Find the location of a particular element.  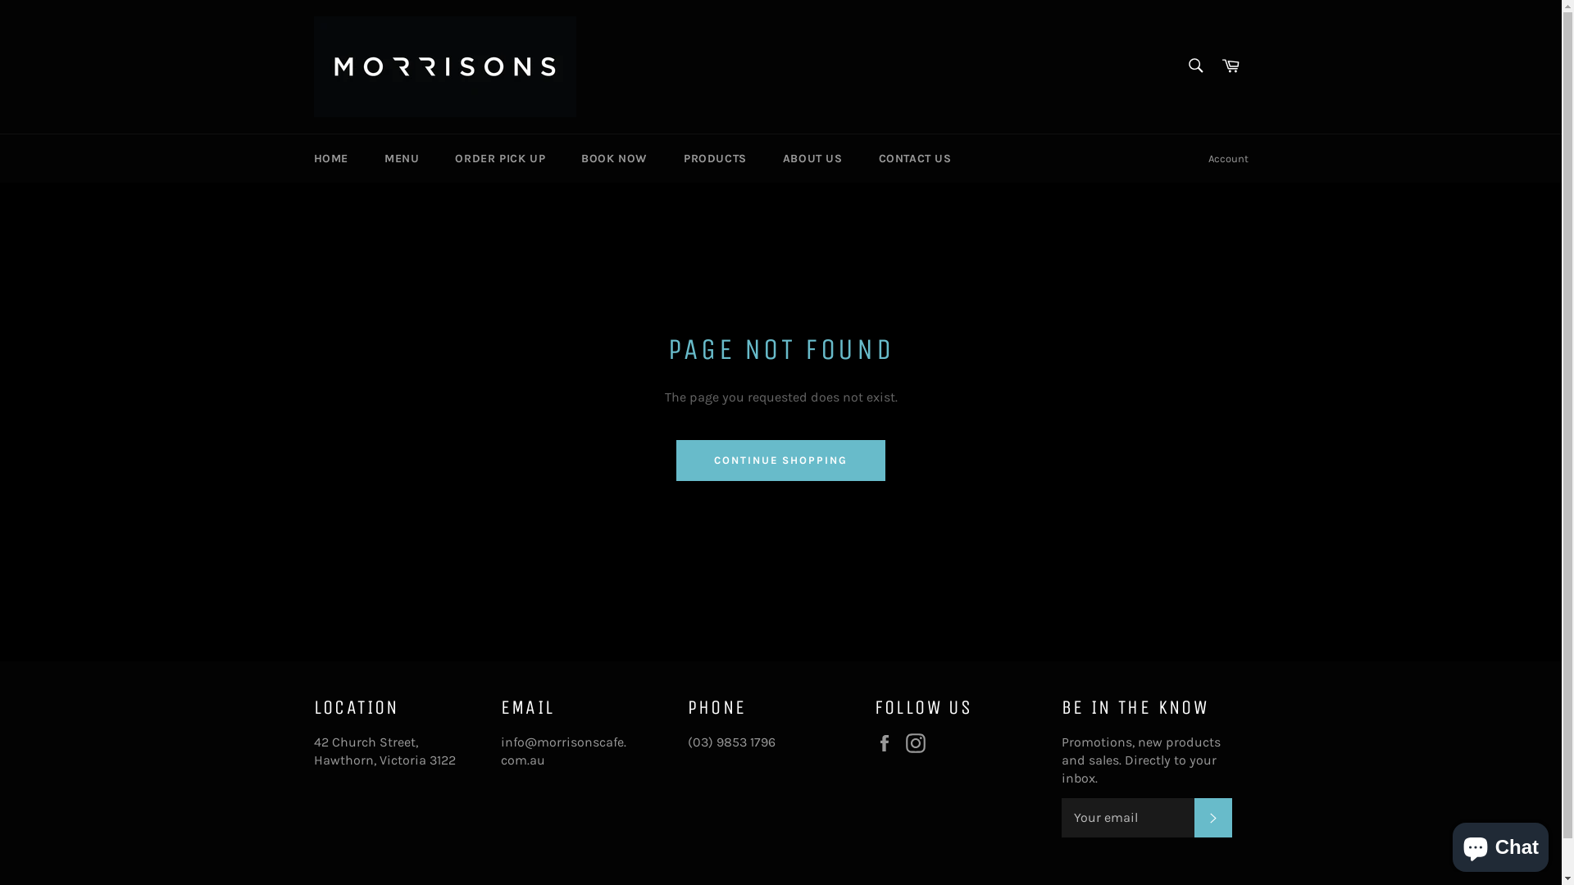

'(03) 9853 1796' is located at coordinates (687, 742).